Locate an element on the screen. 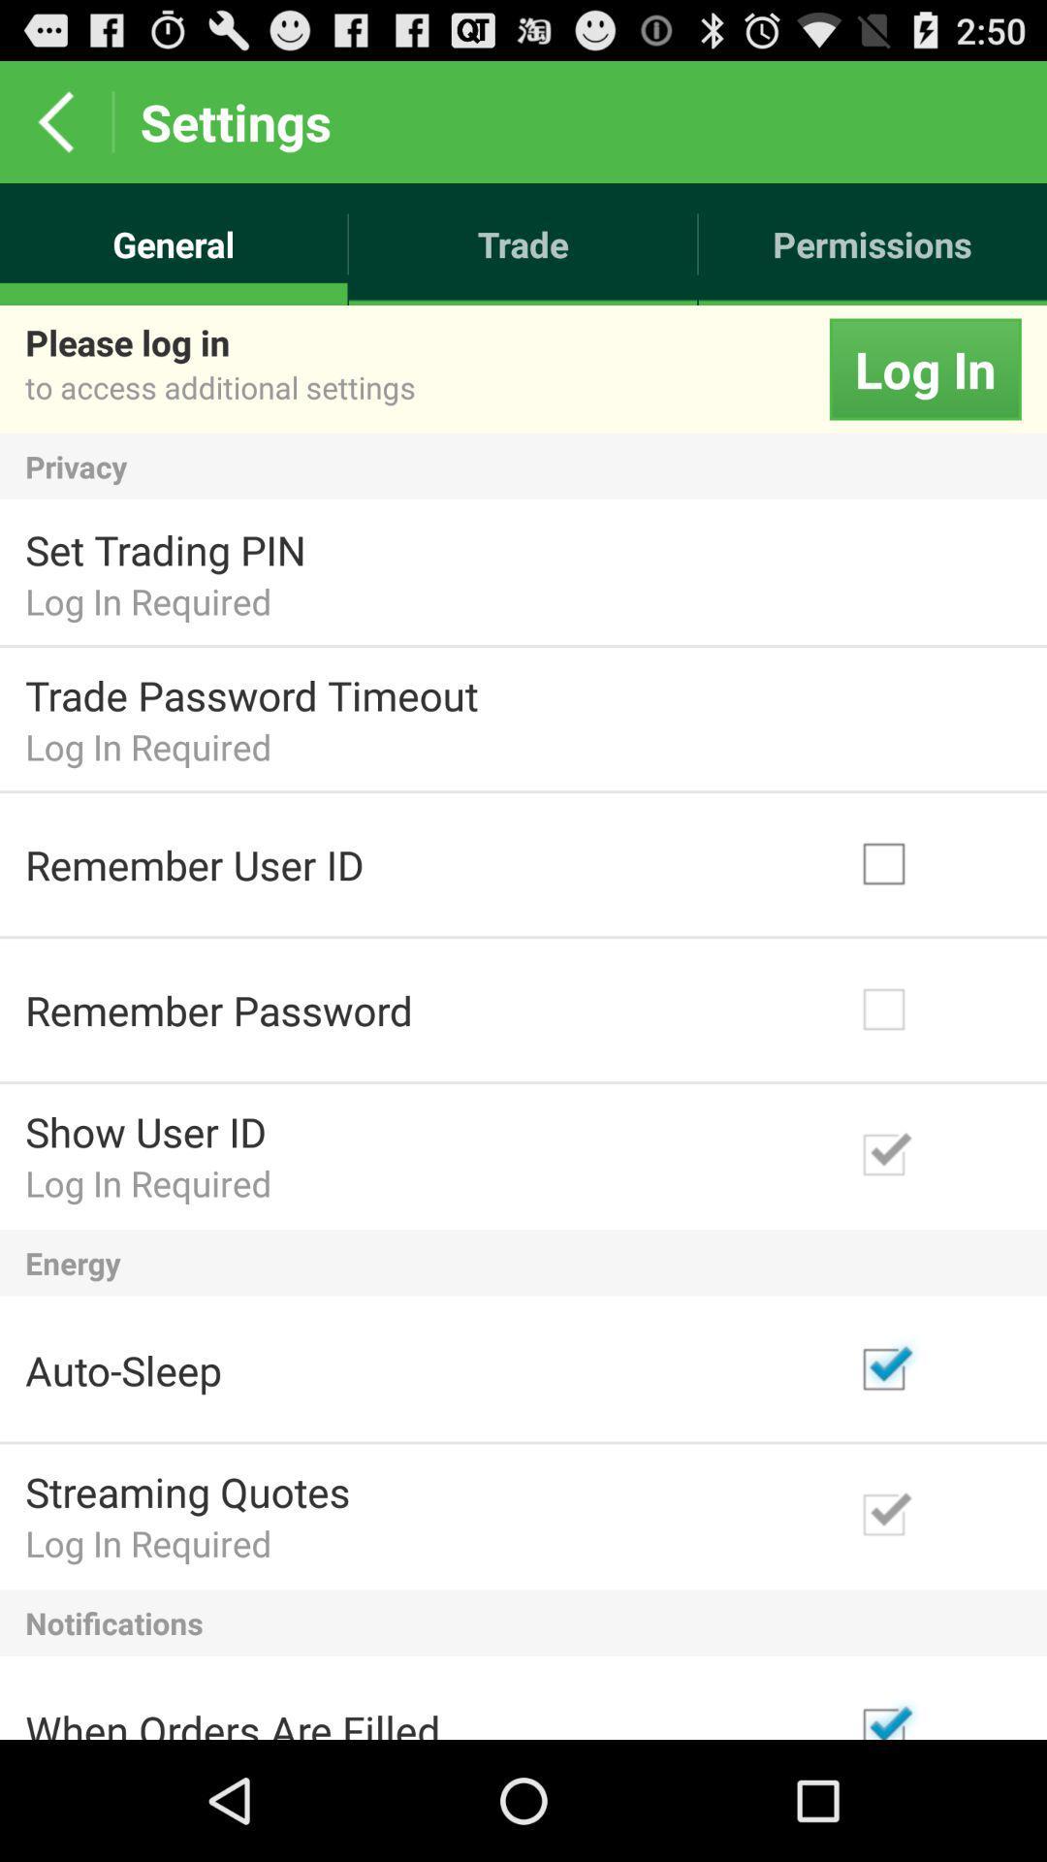 This screenshot has height=1862, width=1047. the item to the left of the trade icon is located at coordinates (173, 243).